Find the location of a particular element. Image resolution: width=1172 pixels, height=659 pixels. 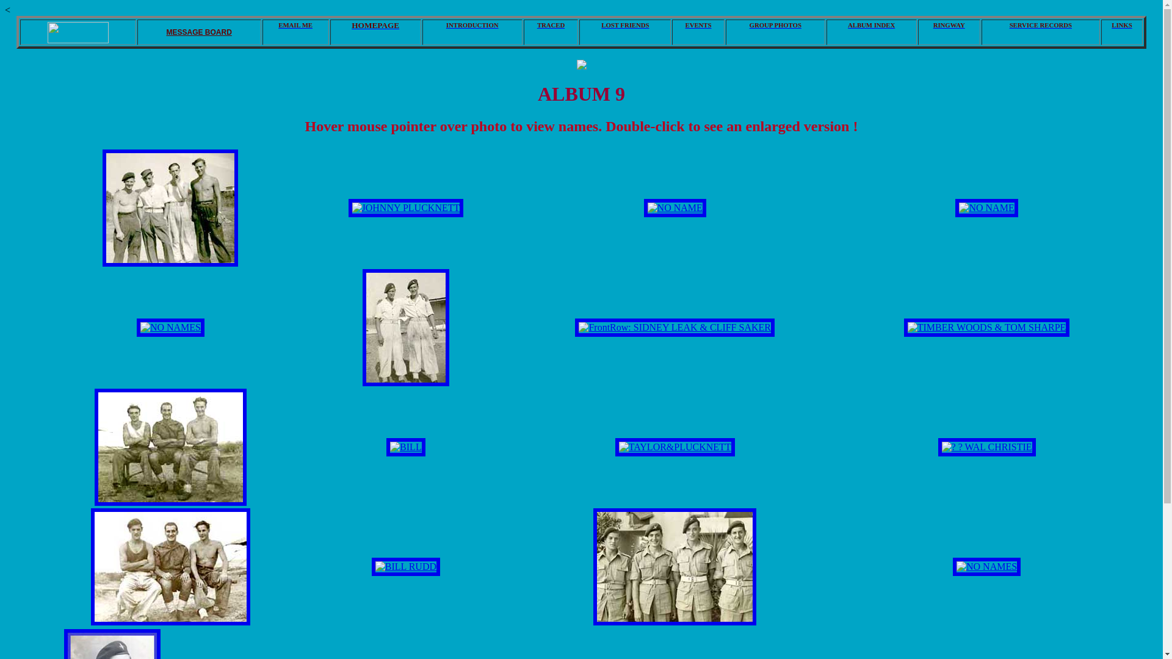

'INTRODUCTION' is located at coordinates (471, 25).